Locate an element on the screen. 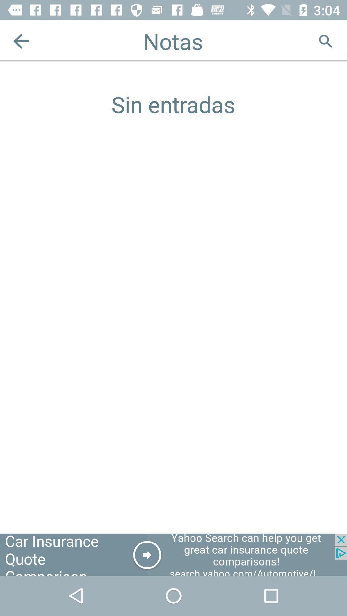 The width and height of the screenshot is (347, 616). advertisement is located at coordinates (173, 554).